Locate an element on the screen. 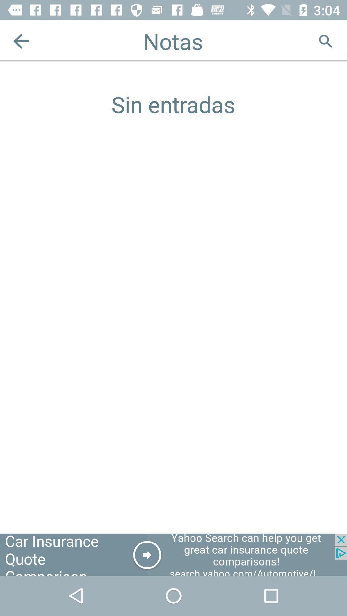 The width and height of the screenshot is (347, 616). advertisement is located at coordinates (173, 554).